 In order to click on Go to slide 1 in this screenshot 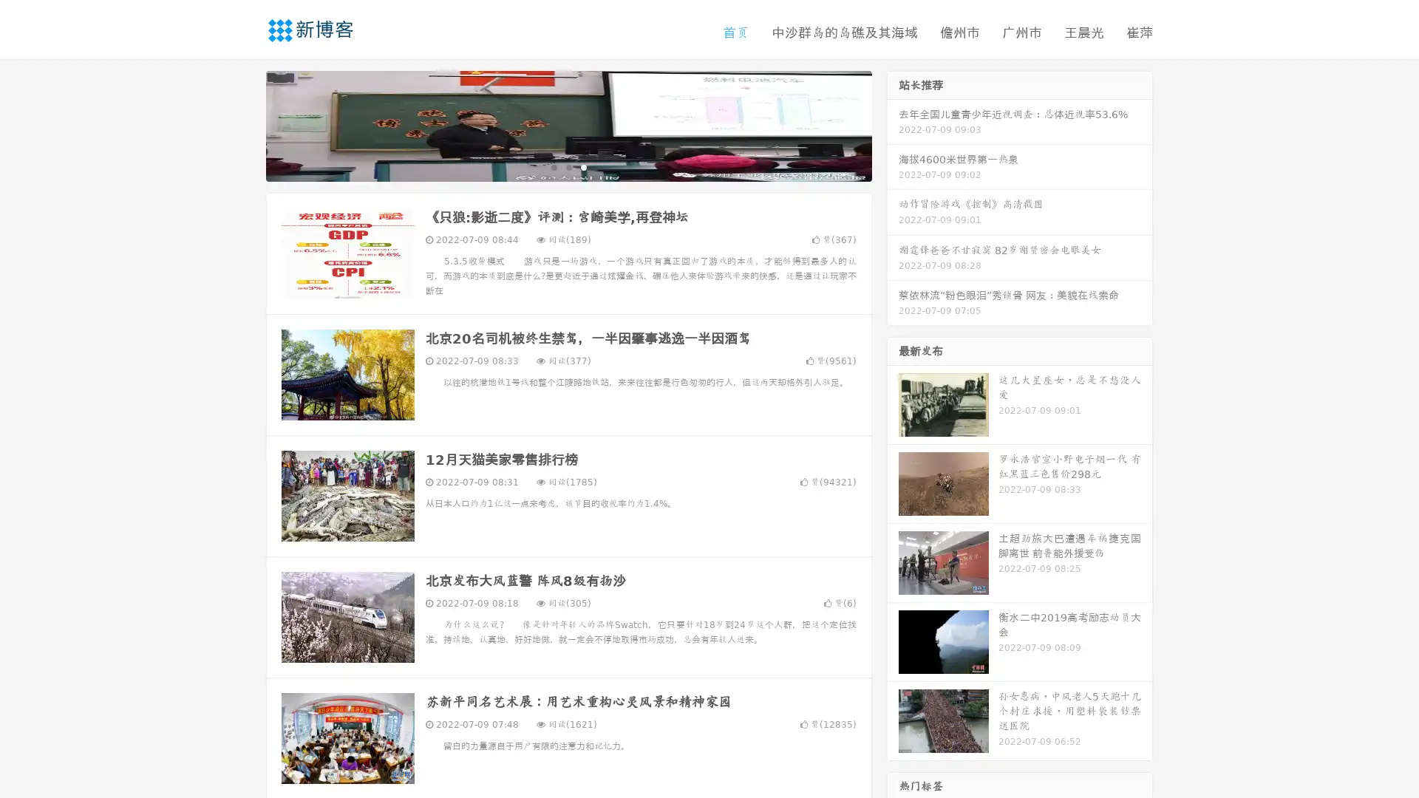, I will do `click(553, 166)`.